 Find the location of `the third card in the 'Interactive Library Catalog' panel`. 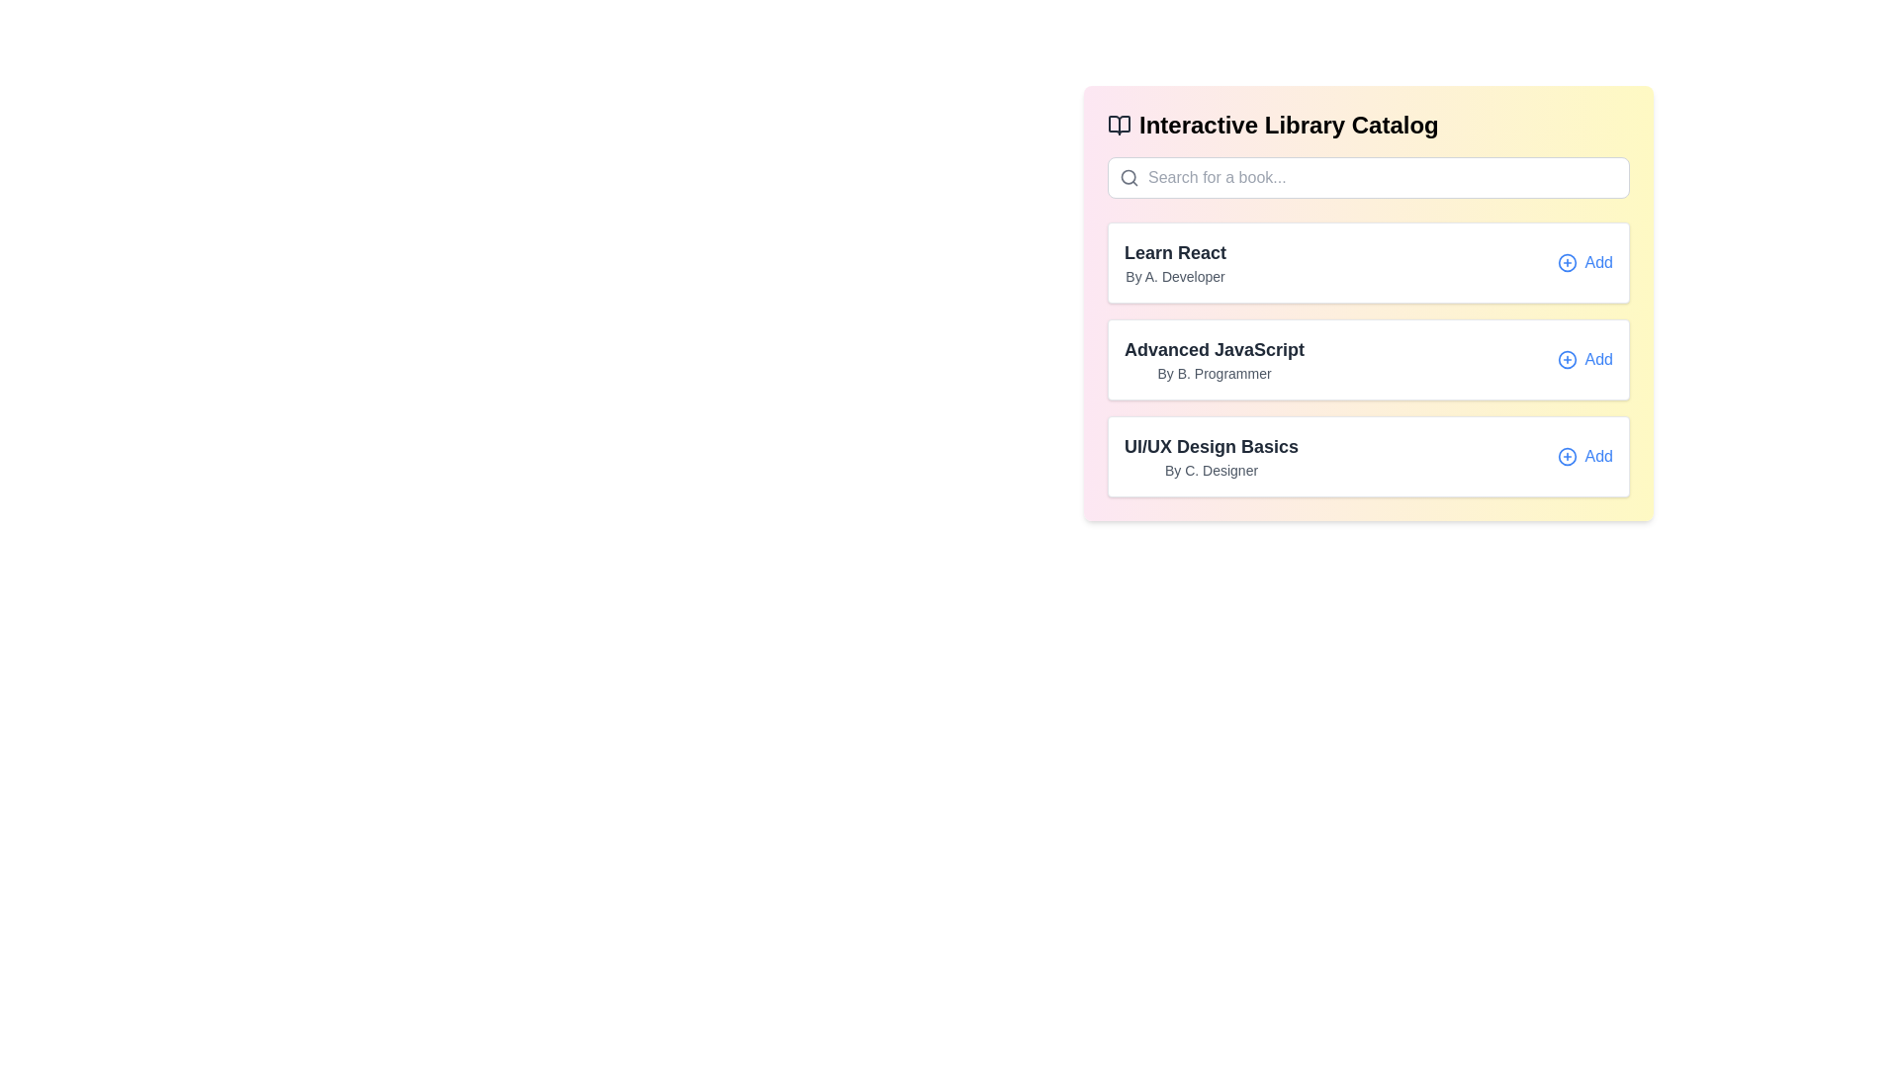

the third card in the 'Interactive Library Catalog' panel is located at coordinates (1367, 457).